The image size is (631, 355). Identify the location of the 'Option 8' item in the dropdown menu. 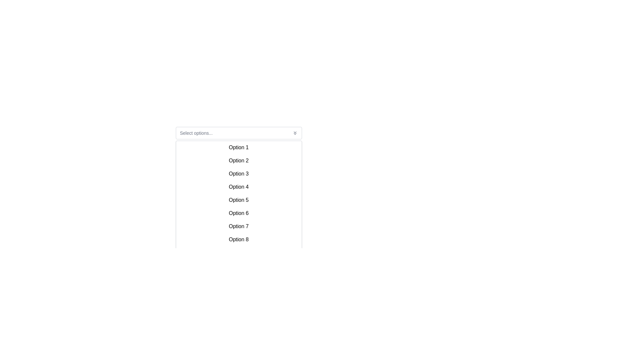
(238, 240).